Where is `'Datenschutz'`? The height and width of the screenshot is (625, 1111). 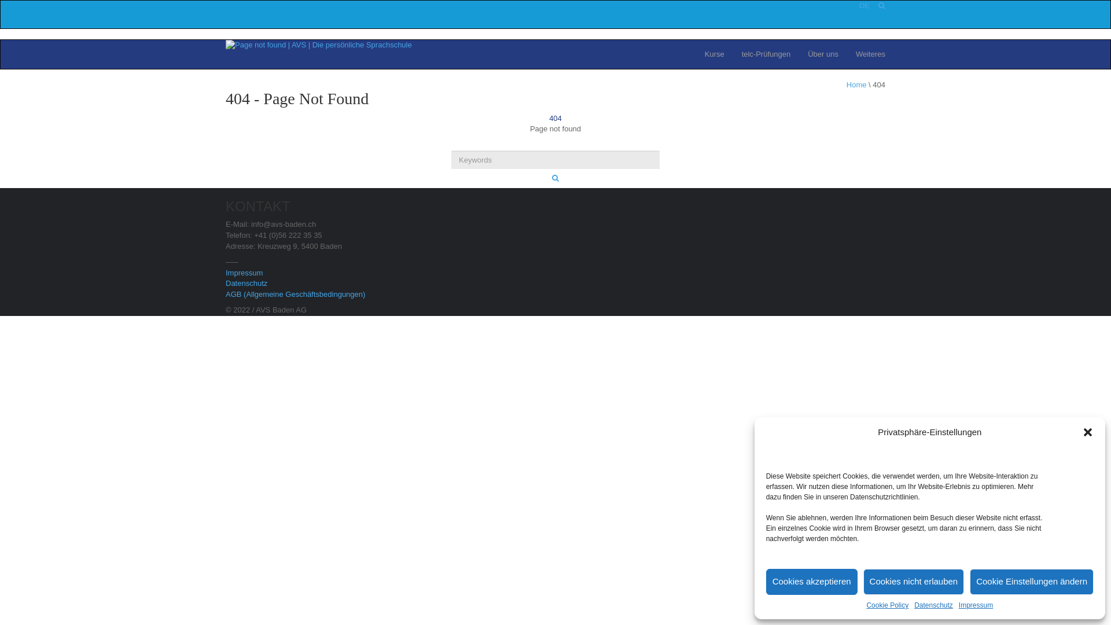 'Datenschutz' is located at coordinates (246, 283).